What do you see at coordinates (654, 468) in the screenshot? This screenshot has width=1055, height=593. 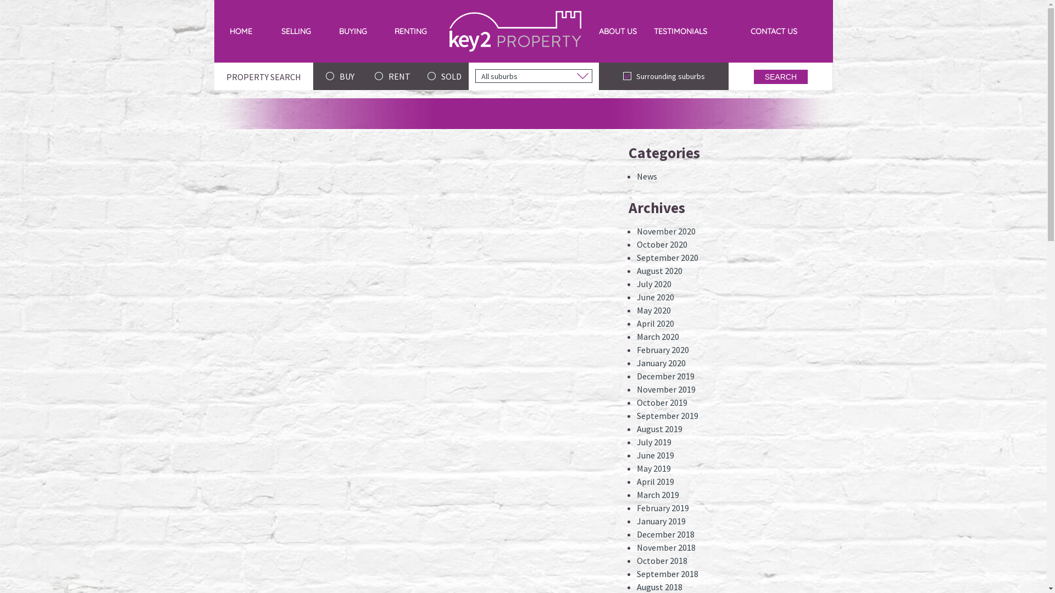 I see `'May 2019'` at bounding box center [654, 468].